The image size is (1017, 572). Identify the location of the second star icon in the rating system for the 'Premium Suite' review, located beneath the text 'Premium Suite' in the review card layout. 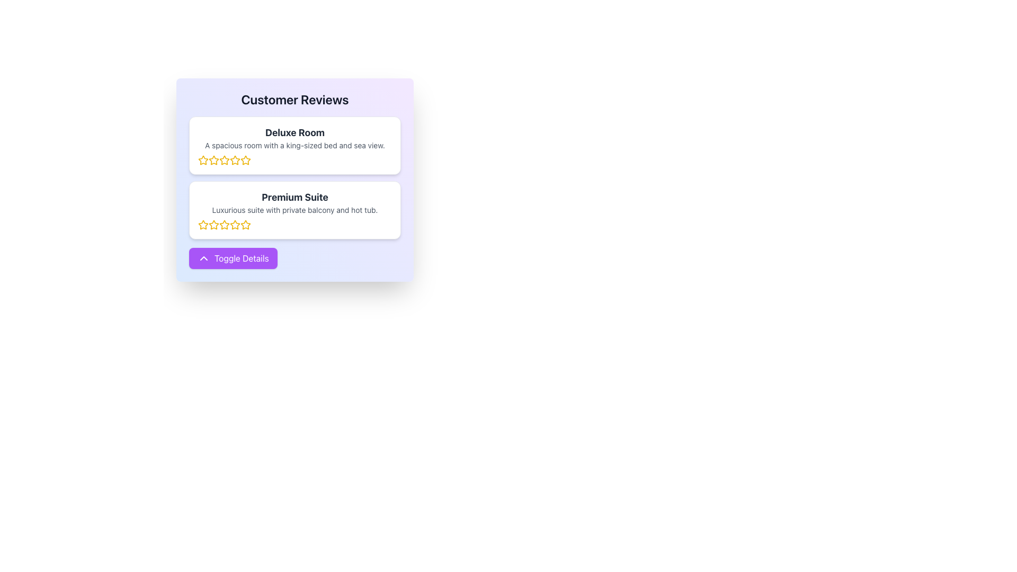
(203, 224).